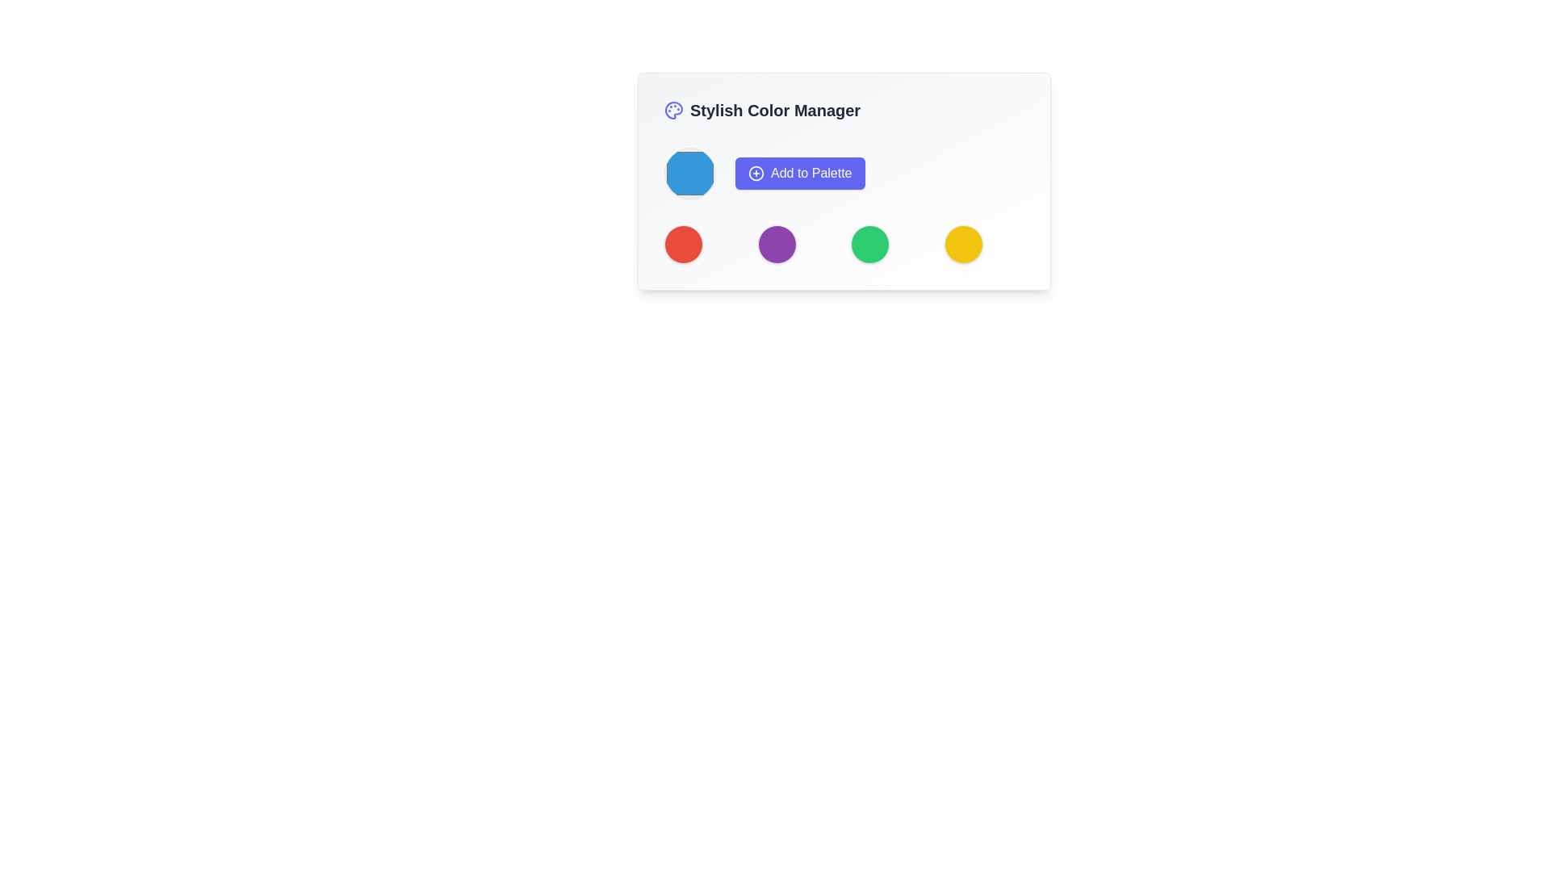 Image resolution: width=1550 pixels, height=872 pixels. I want to click on the 'Add to Palette' button, which is part of the Stylish Color Manager interface and is located to the right of the circular color indicator, so click(844, 174).